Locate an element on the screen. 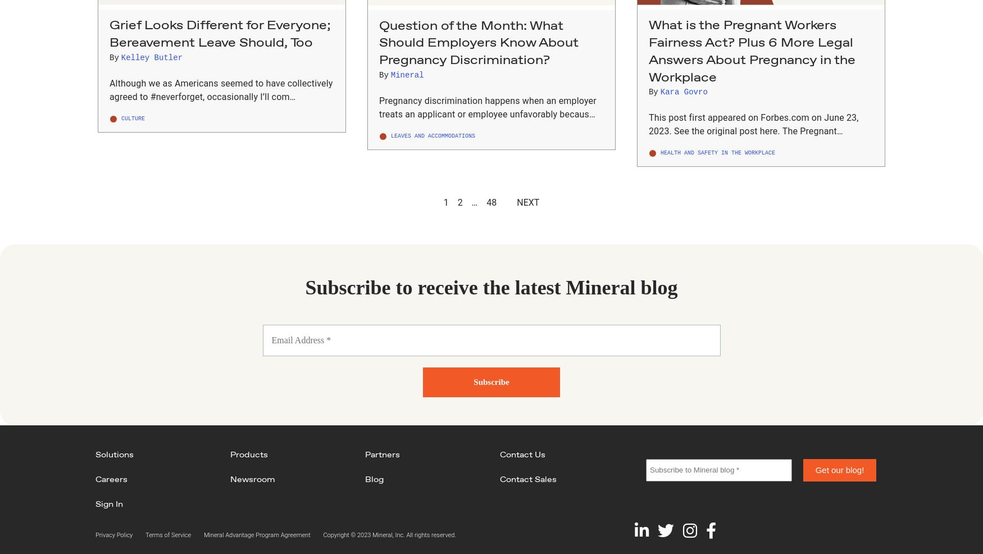 This screenshot has width=983, height=554. 'This post first appeared on Forbes.com on June 23, 2023. See the original post here.
The Pregnant…' is located at coordinates (753, 124).